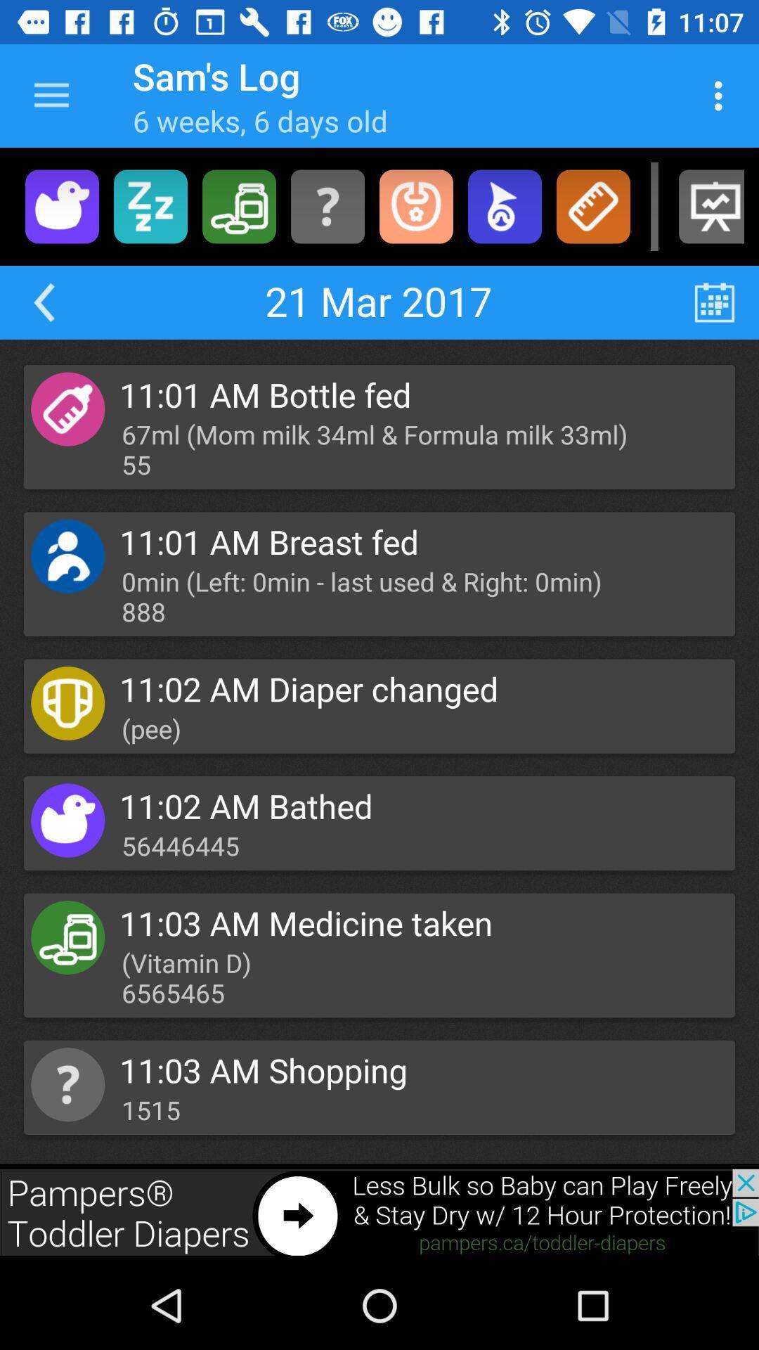 This screenshot has width=759, height=1350. What do you see at coordinates (715, 302) in the screenshot?
I see `open calendar` at bounding box center [715, 302].